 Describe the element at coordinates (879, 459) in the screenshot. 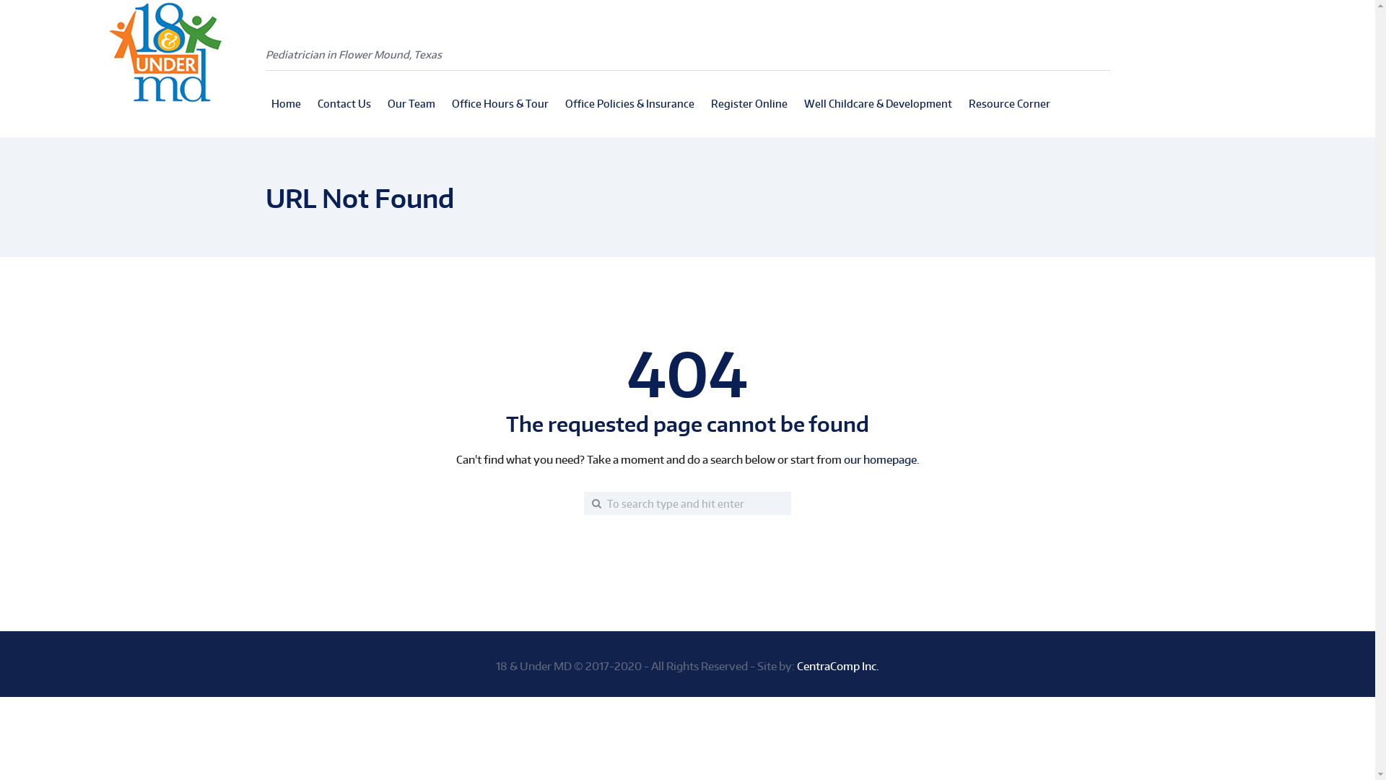

I see `'our homepage'` at that location.